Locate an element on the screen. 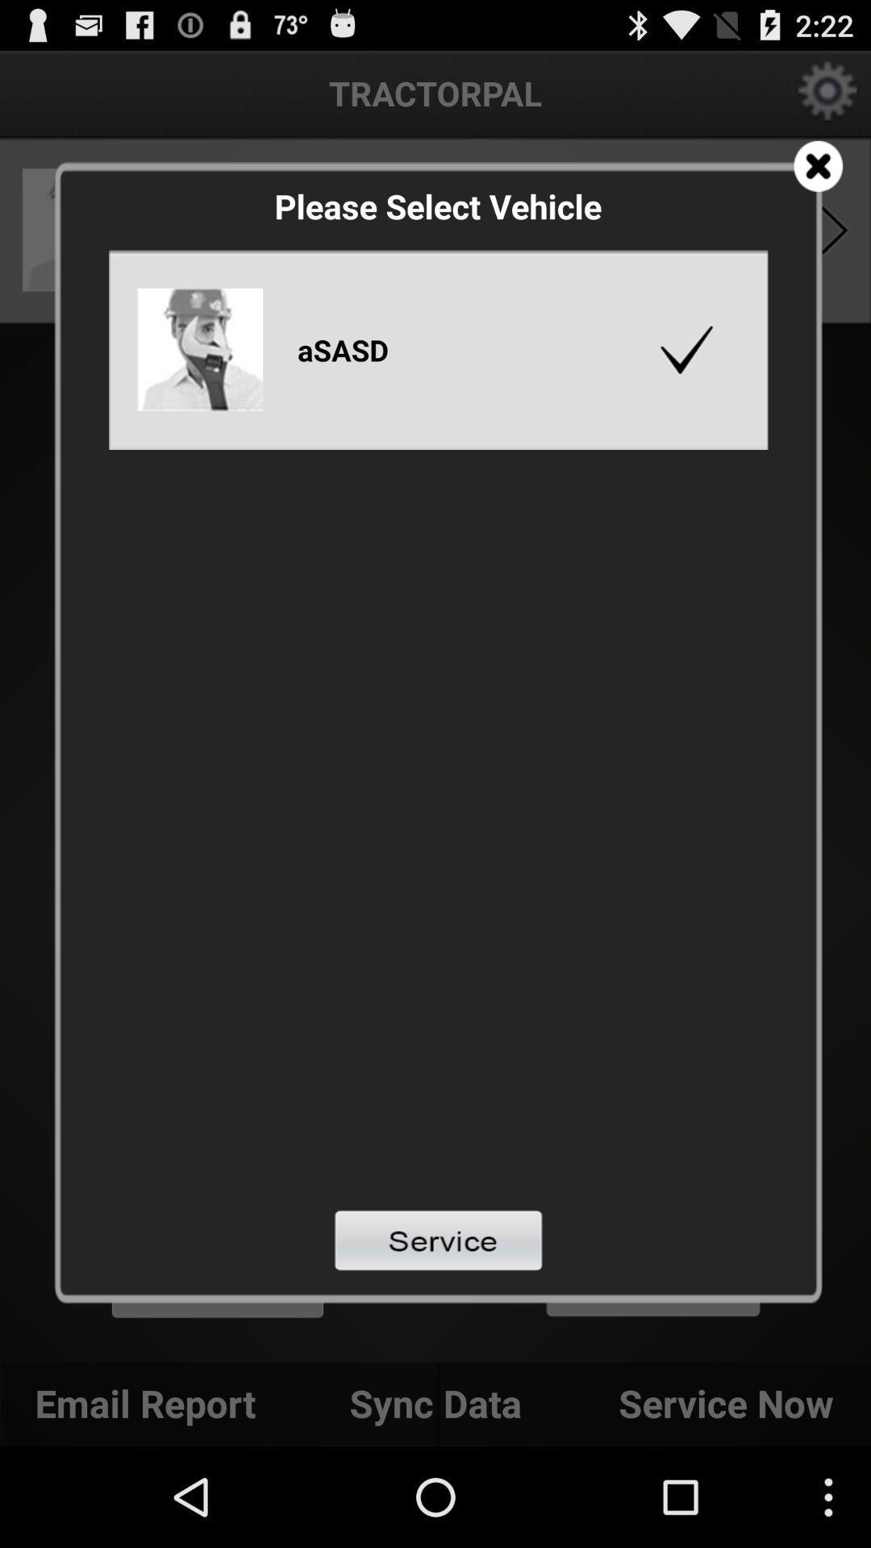 The height and width of the screenshot is (1548, 871). service is located at coordinates (438, 1239).